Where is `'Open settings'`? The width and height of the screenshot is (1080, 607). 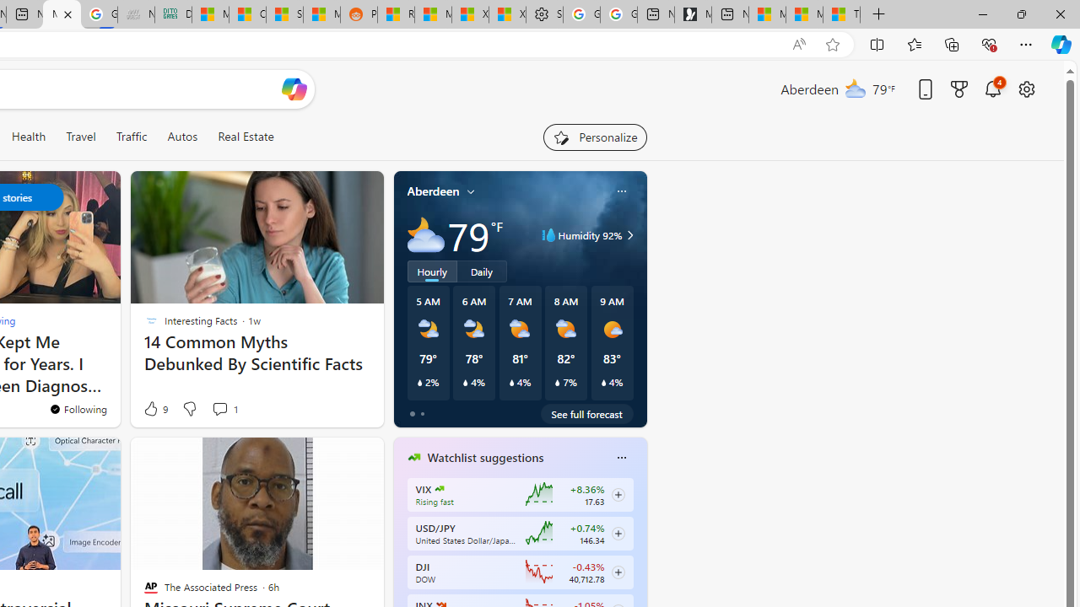 'Open settings' is located at coordinates (1025, 89).